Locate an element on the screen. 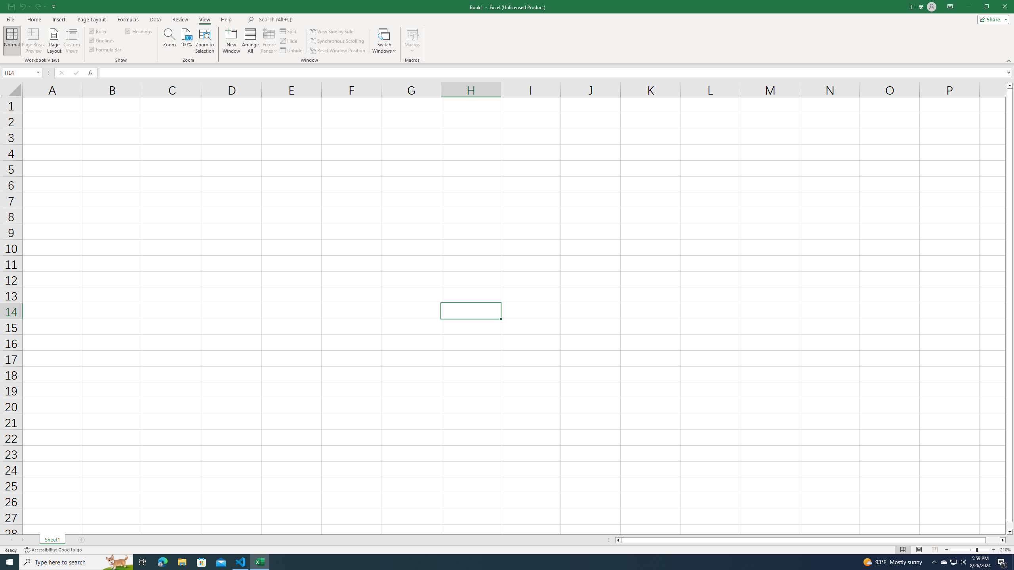 This screenshot has height=570, width=1014. 'New Window' is located at coordinates (231, 41).